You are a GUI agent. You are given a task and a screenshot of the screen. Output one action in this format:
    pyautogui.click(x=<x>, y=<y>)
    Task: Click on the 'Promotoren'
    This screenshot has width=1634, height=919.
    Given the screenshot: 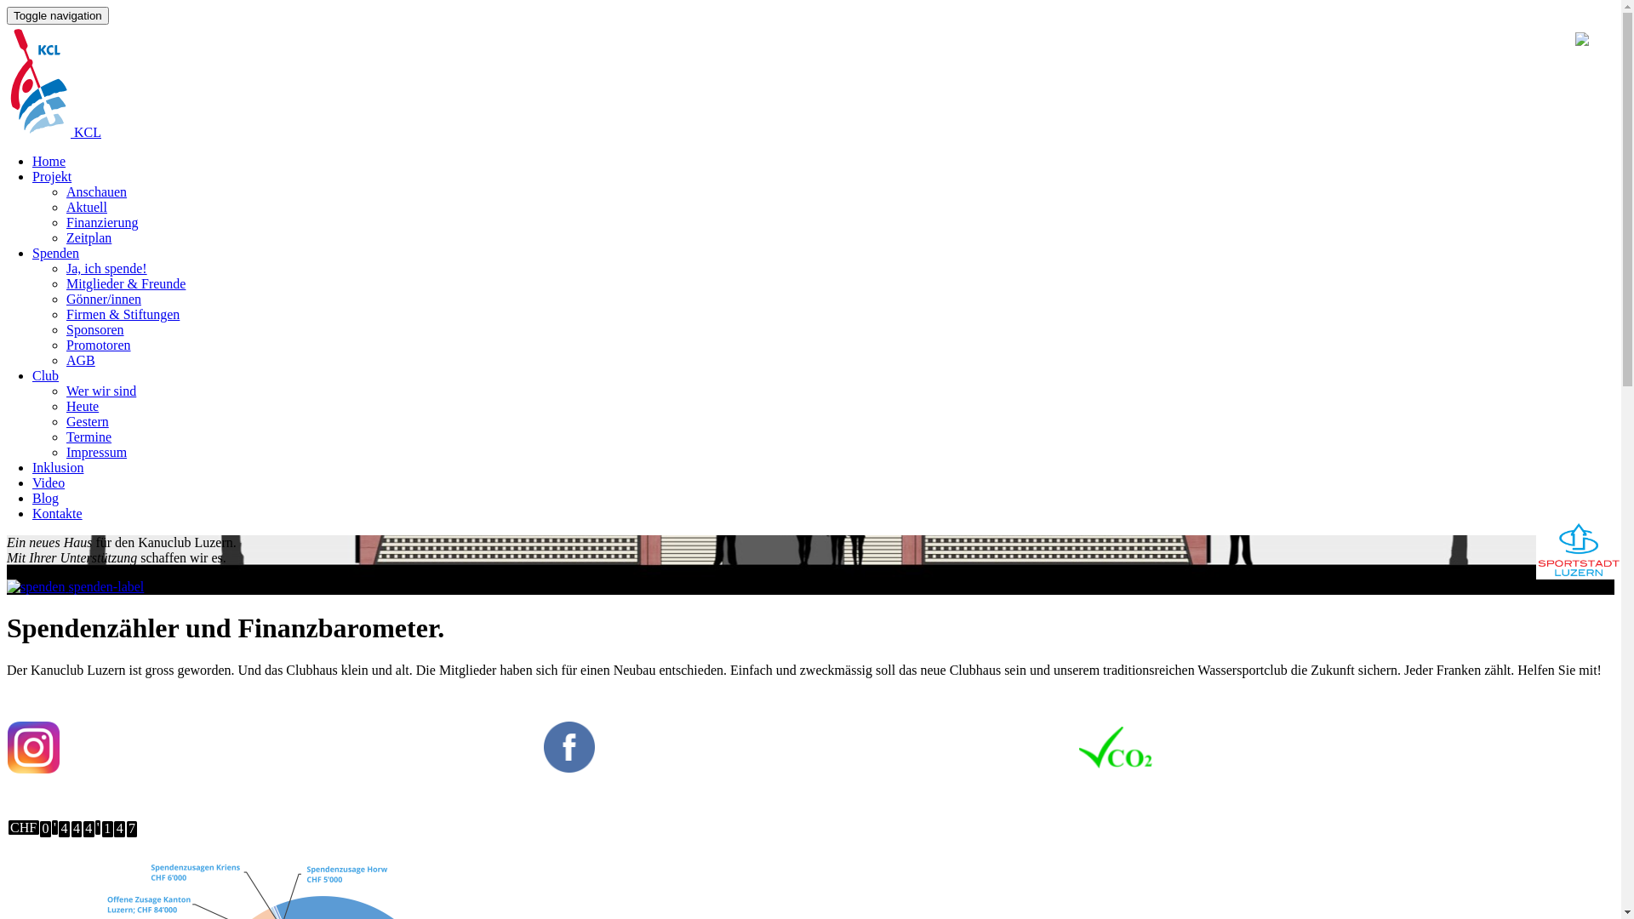 What is the action you would take?
    pyautogui.click(x=97, y=345)
    